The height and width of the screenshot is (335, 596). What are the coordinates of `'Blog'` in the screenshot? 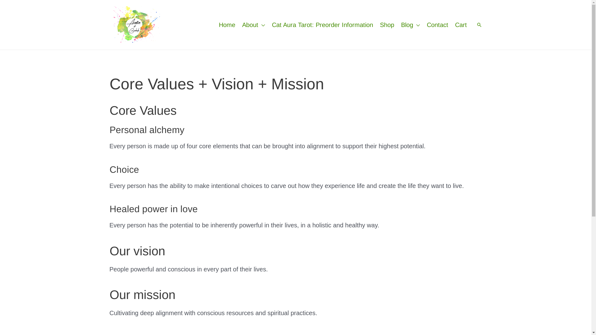 It's located at (397, 25).